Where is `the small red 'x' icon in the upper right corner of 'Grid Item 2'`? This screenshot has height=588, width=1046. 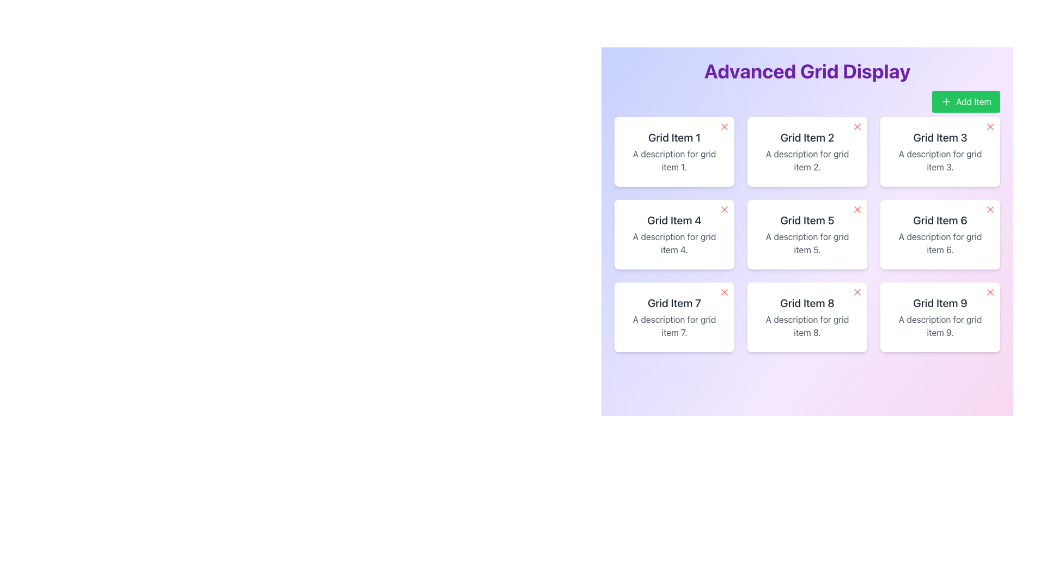
the small red 'x' icon in the upper right corner of 'Grid Item 2' is located at coordinates (857, 126).